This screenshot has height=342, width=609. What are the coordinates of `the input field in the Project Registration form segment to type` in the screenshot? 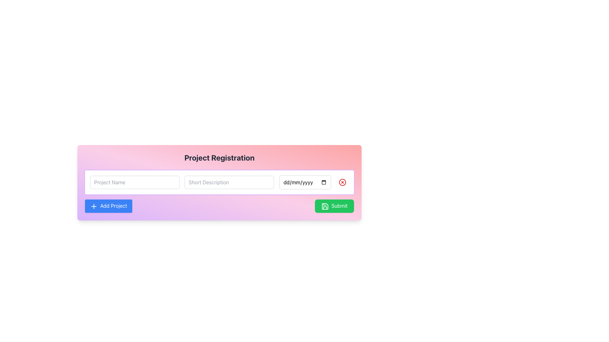 It's located at (219, 191).